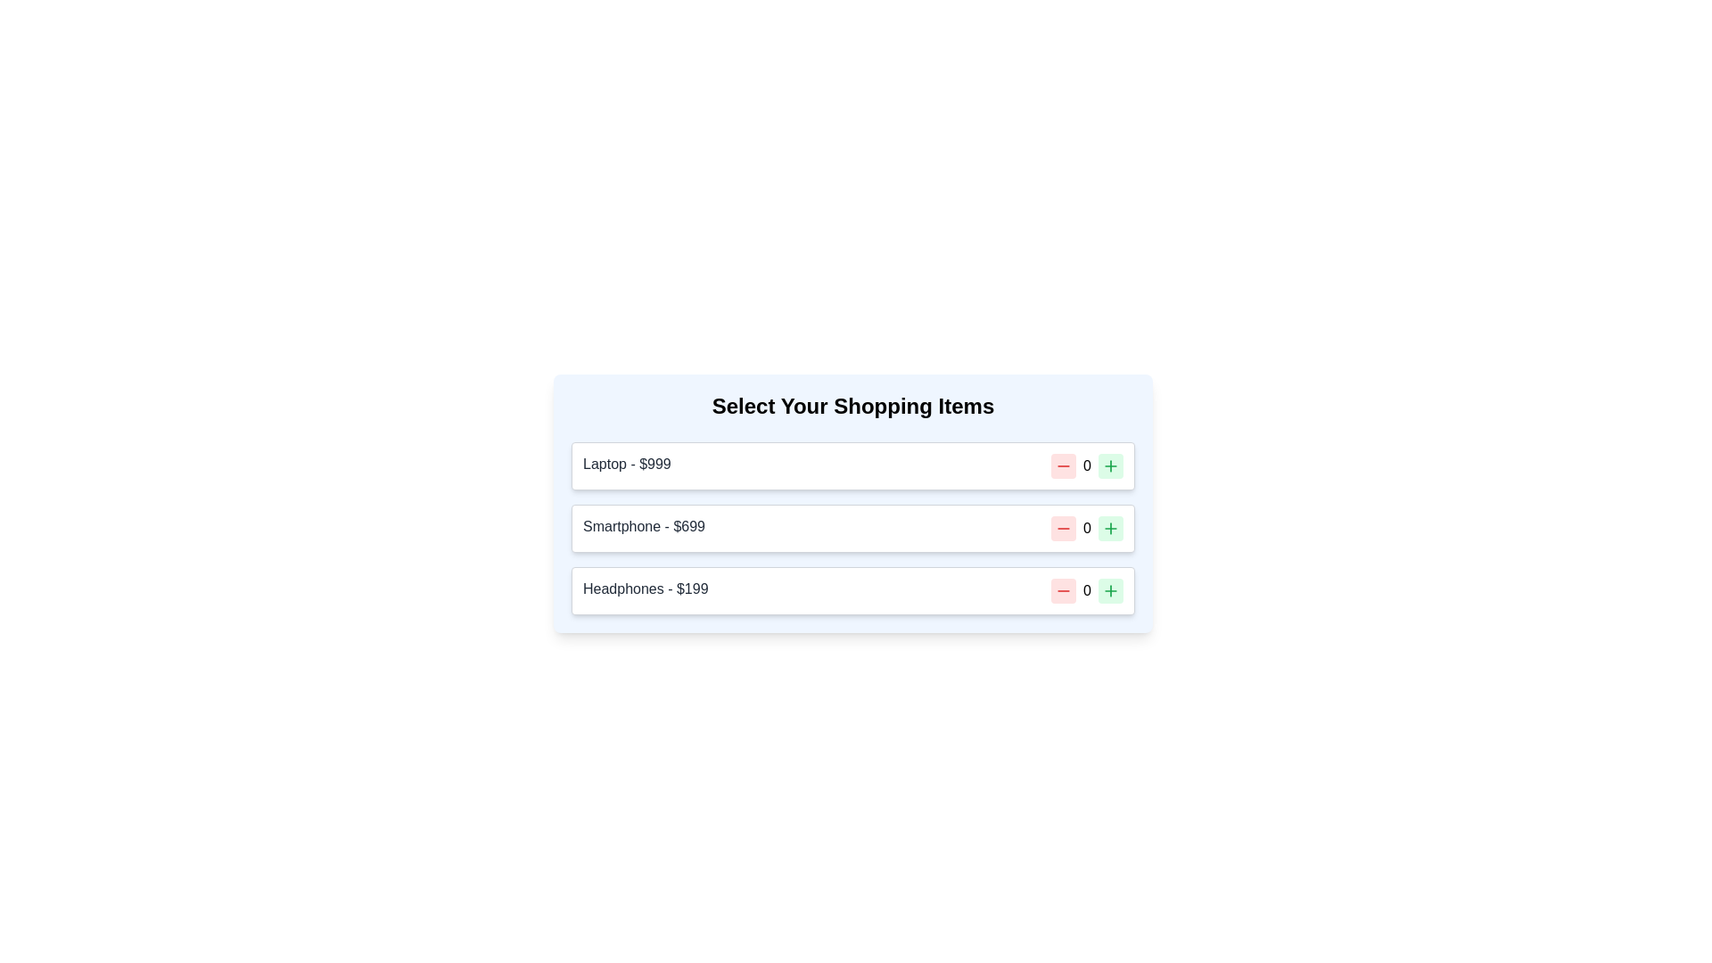 The width and height of the screenshot is (1712, 963). Describe the element at coordinates (1086, 465) in the screenshot. I see `the numeric display showing the value '0' for the product 'Laptop - $999', which is centrally positioned between the increment and decrement buttons` at that location.